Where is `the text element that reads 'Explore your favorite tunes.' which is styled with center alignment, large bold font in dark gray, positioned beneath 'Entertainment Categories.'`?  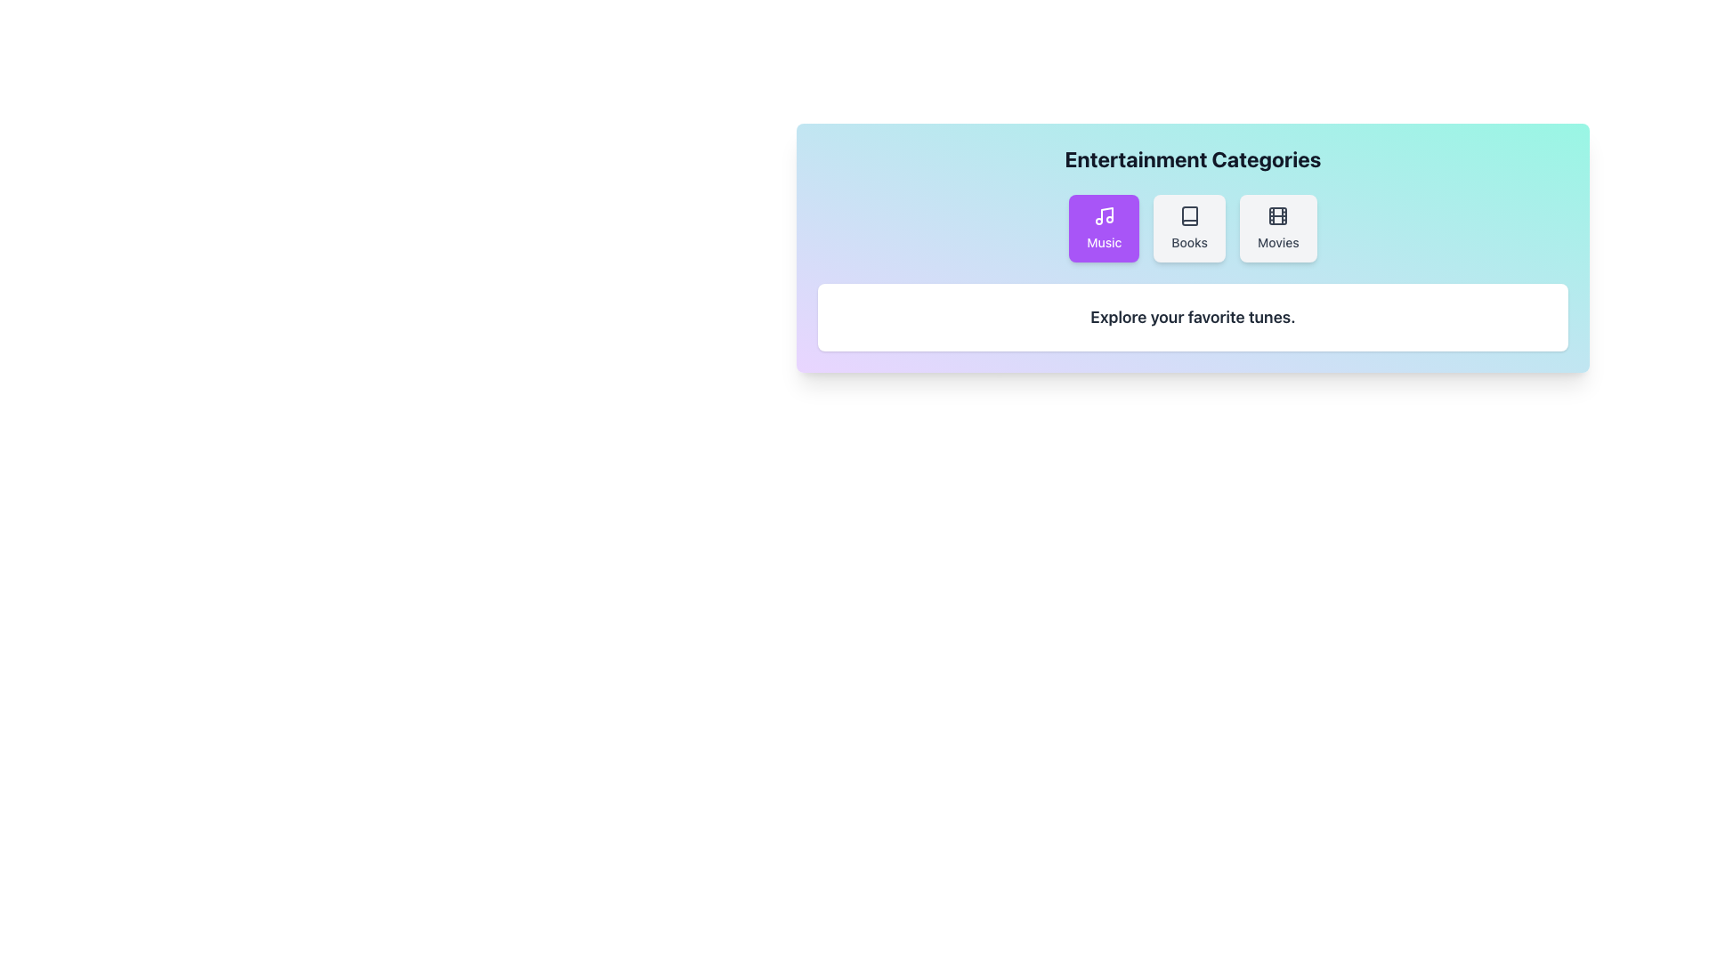
the text element that reads 'Explore your favorite tunes.' which is styled with center alignment, large bold font in dark gray, positioned beneath 'Entertainment Categories.' is located at coordinates (1193, 317).